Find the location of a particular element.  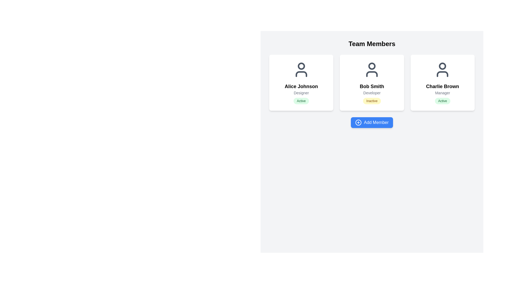

the text label displaying 'Manager' which is located under 'Charlie Brown' and above the status indicator 'Active' is located at coordinates (443, 92).